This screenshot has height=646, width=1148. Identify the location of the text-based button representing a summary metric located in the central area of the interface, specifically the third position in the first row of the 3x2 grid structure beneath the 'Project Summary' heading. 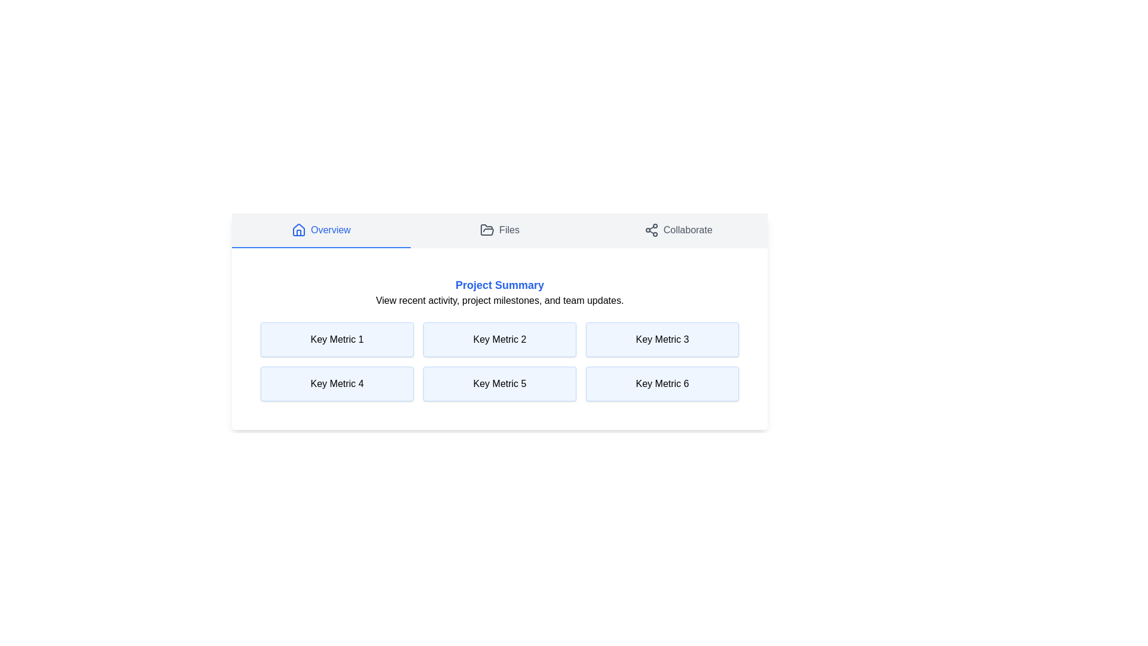
(662, 339).